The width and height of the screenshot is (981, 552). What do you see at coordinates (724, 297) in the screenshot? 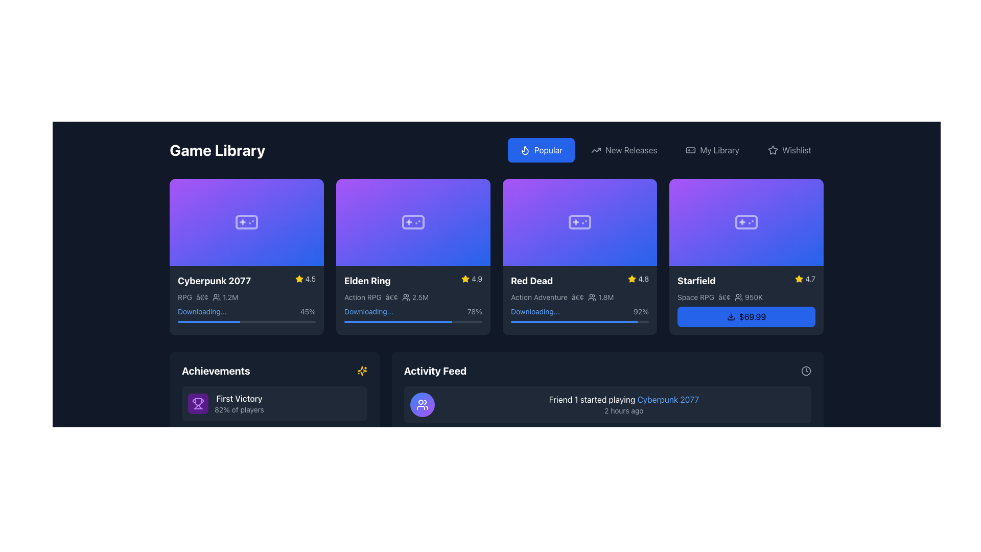
I see `the textual separator element that visually separates the game genre 'Space RPG' and its statistics '950K' in the horizontal list under the game title 'Starfield'` at bounding box center [724, 297].